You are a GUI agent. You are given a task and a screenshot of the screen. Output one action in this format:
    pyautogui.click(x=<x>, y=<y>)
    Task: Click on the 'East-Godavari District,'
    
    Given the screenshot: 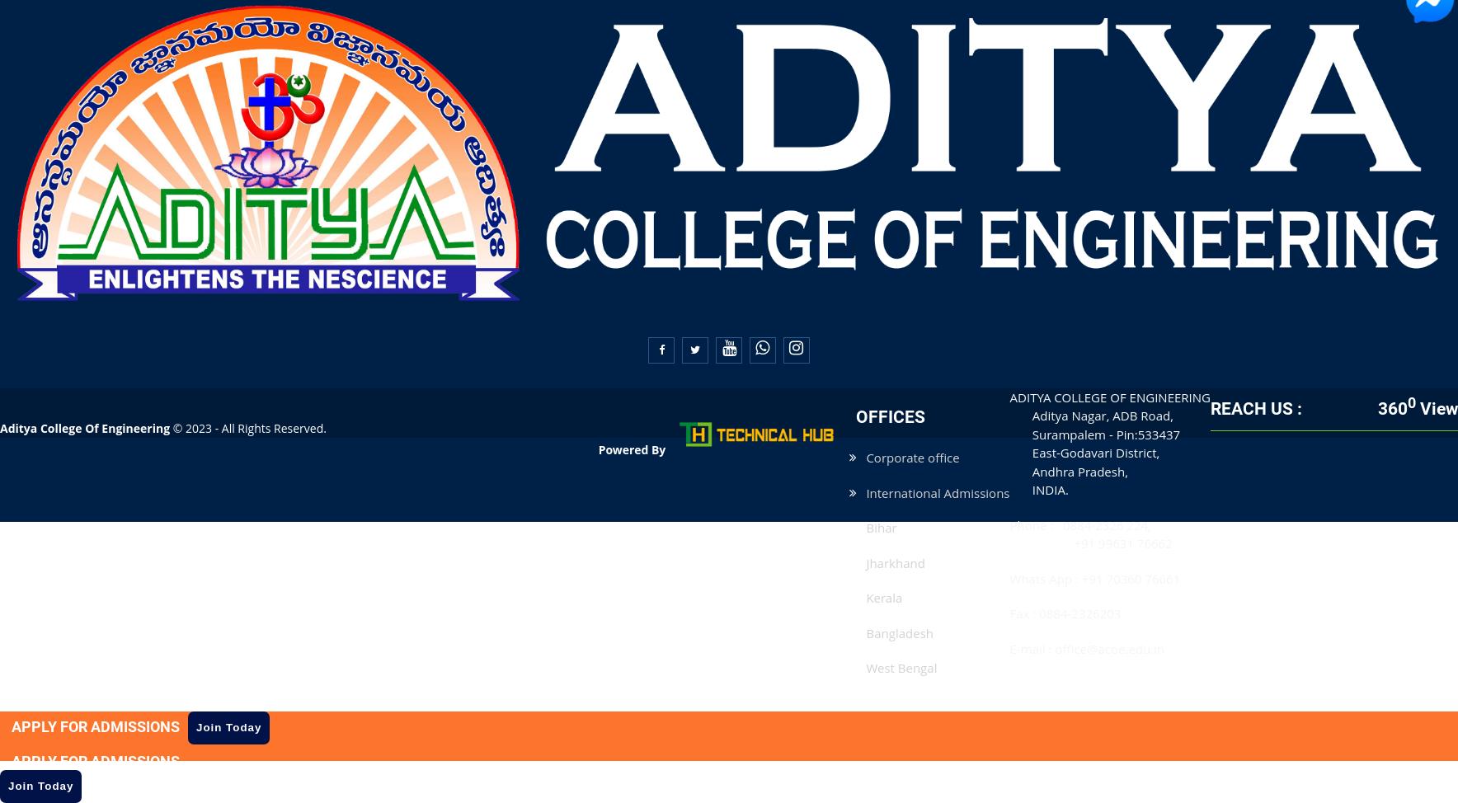 What is the action you would take?
    pyautogui.click(x=1099, y=453)
    